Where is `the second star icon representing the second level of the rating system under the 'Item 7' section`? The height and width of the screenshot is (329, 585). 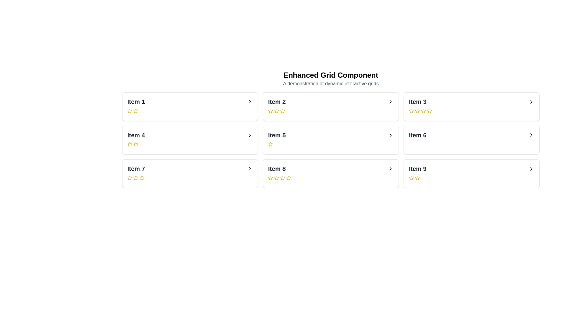
the second star icon representing the second level of the rating system under the 'Item 7' section is located at coordinates (141, 178).